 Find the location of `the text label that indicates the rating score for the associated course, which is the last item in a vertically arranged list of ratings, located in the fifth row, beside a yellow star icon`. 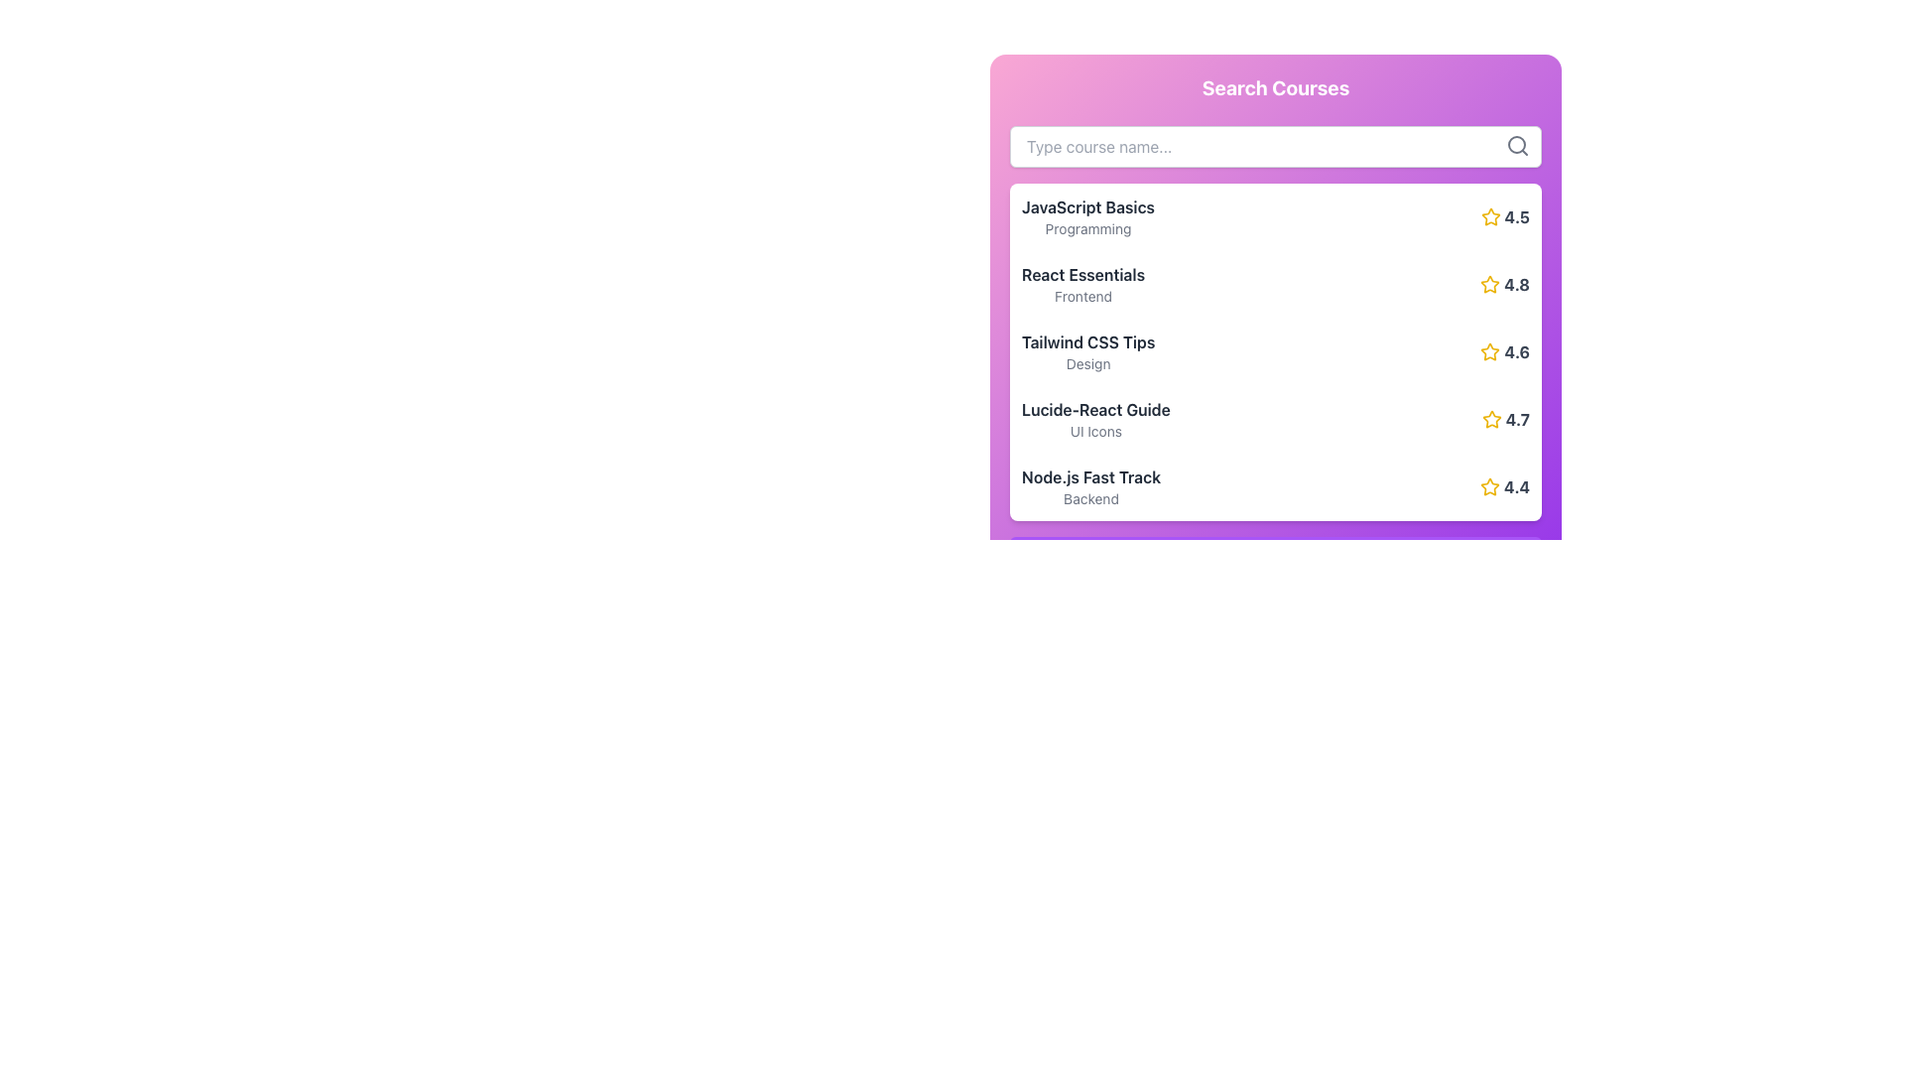

the text label that indicates the rating score for the associated course, which is the last item in a vertically arranged list of ratings, located in the fifth row, beside a yellow star icon is located at coordinates (1515, 486).